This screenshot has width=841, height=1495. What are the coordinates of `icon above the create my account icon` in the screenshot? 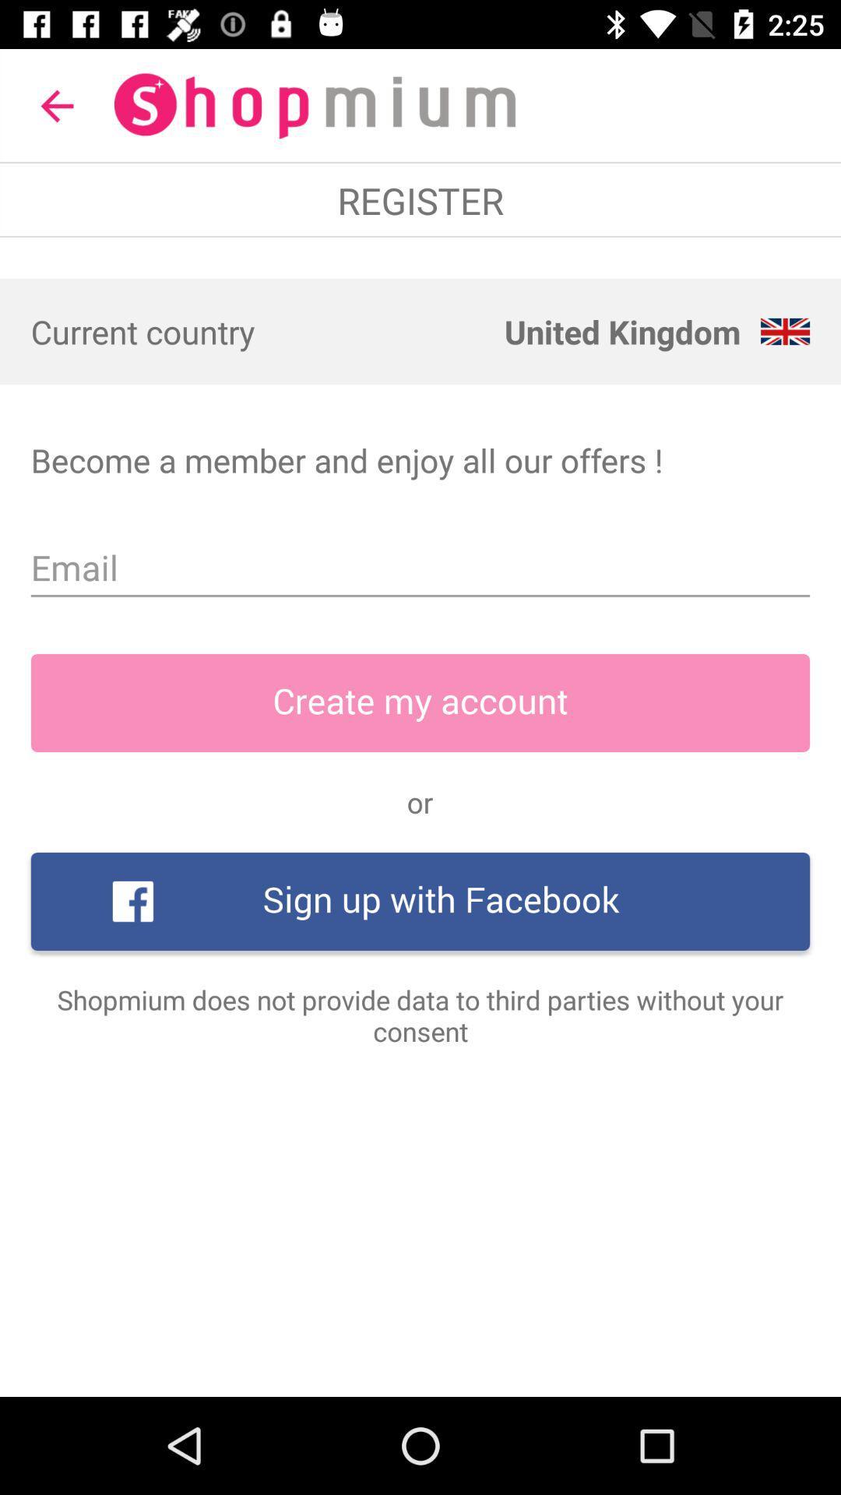 It's located at (420, 567).